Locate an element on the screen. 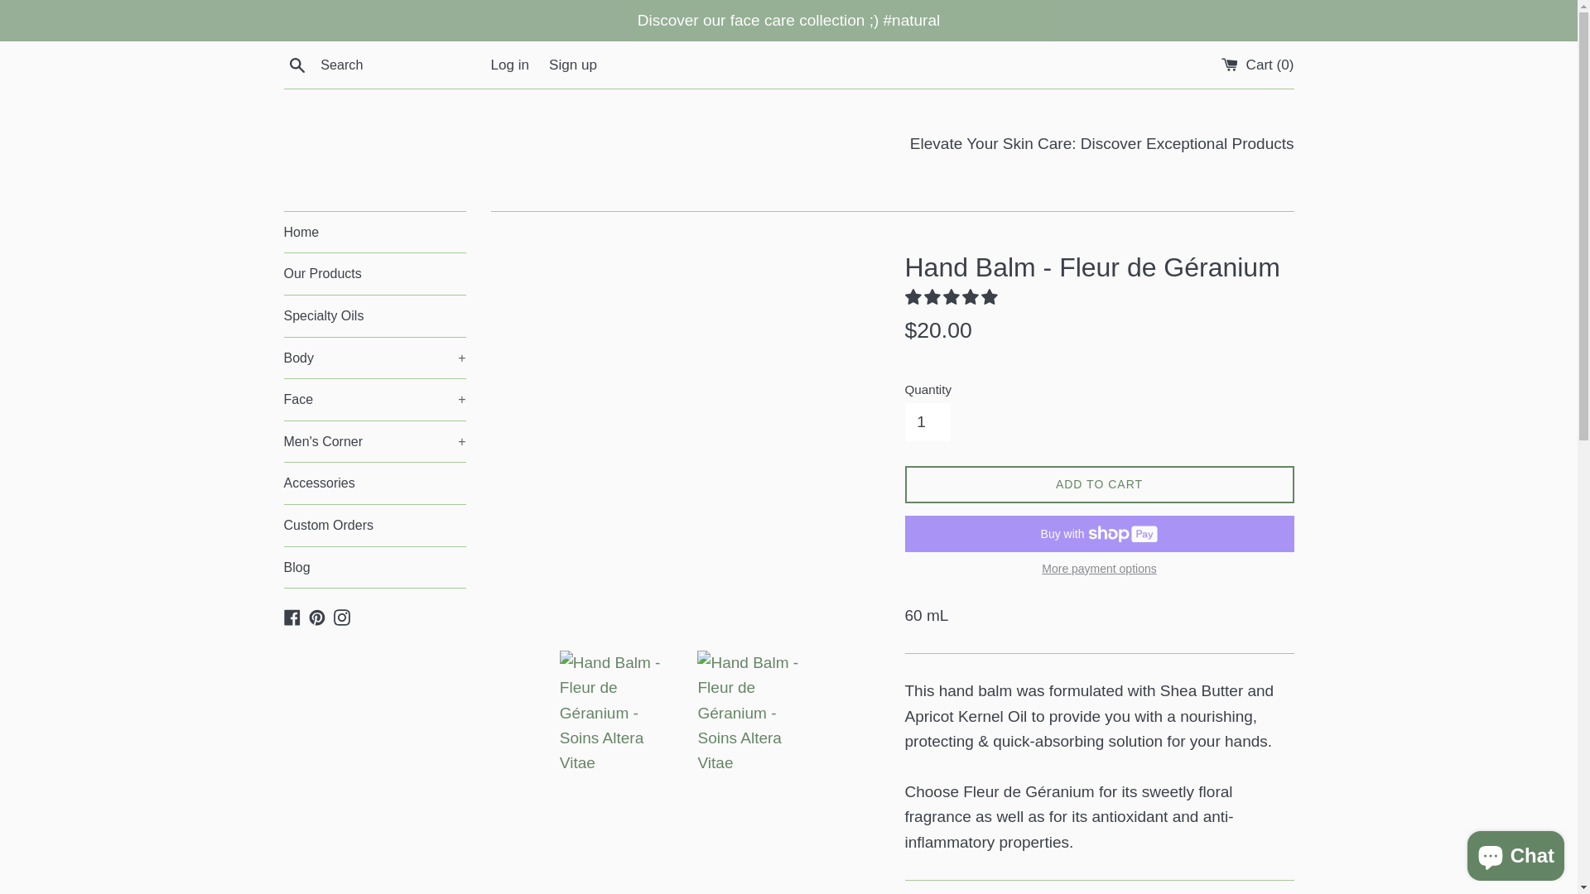 This screenshot has width=1590, height=894. 'Face is located at coordinates (373, 399).